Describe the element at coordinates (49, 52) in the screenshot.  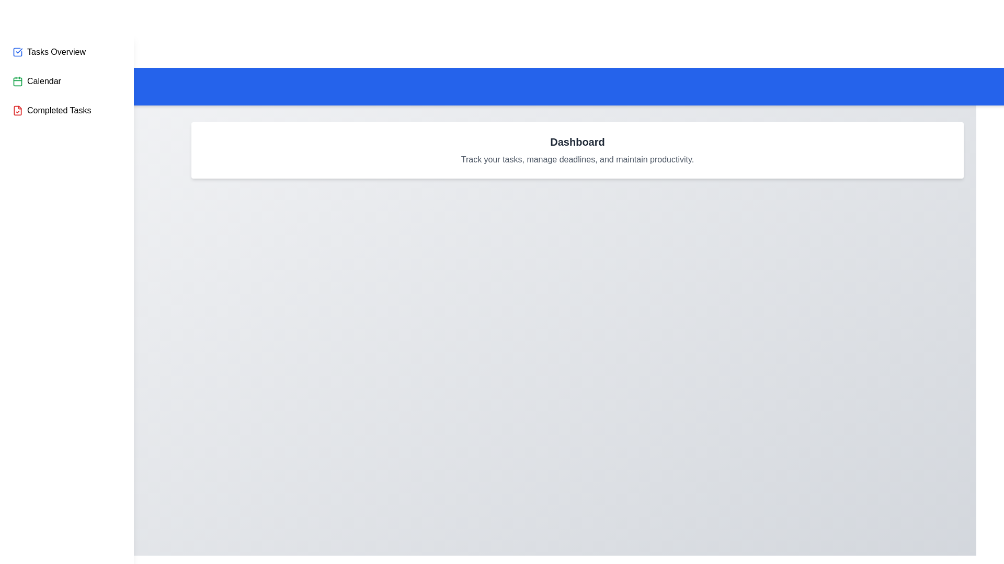
I see `the navigational button that provides access to the overview of tasks, which is the first item in the vertical list on the left-hand side of the interface` at that location.